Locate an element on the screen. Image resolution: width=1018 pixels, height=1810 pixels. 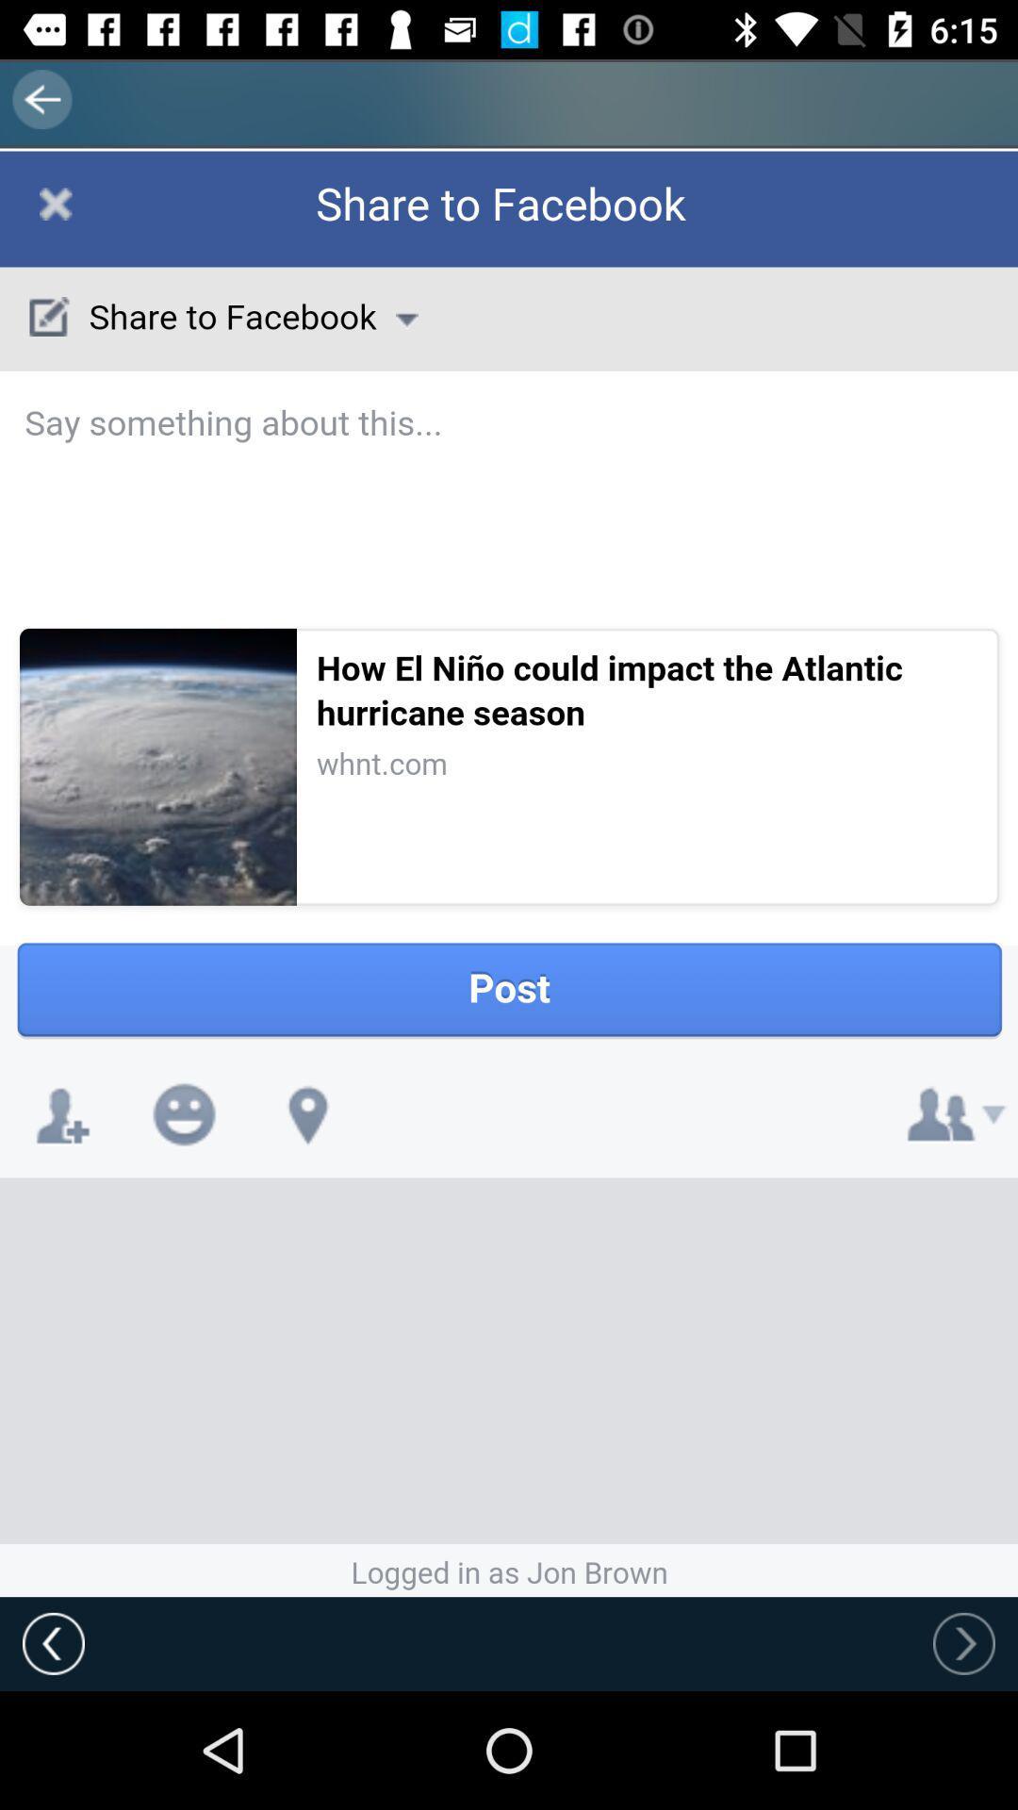
move page is located at coordinates (509, 873).